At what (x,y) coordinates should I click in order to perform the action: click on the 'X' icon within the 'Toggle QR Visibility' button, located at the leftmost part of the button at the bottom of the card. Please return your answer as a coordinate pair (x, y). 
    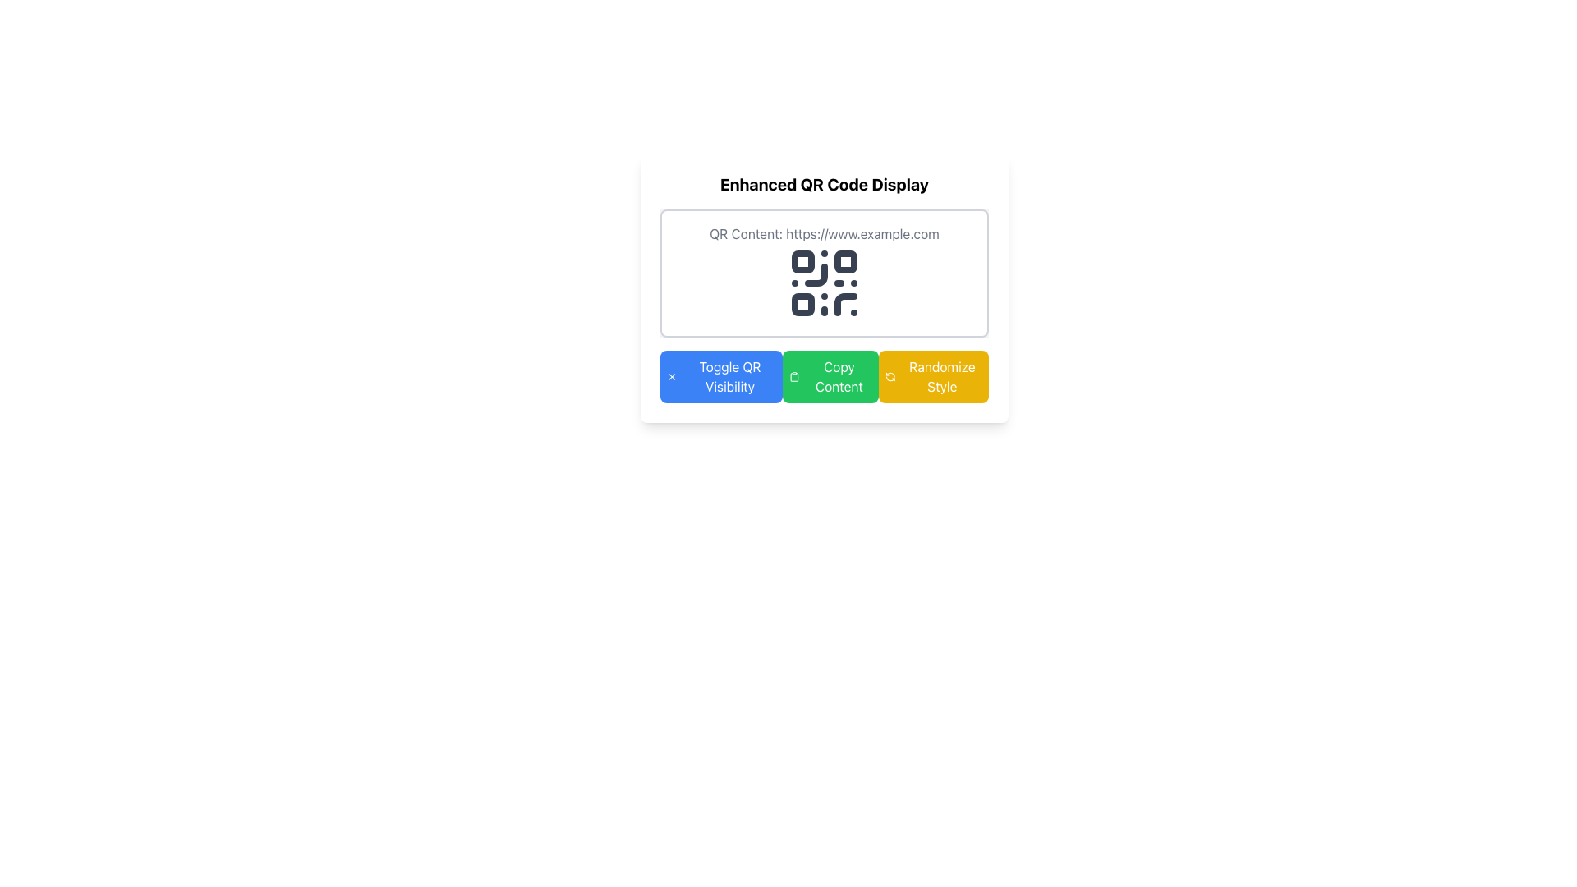
    Looking at the image, I should click on (672, 377).